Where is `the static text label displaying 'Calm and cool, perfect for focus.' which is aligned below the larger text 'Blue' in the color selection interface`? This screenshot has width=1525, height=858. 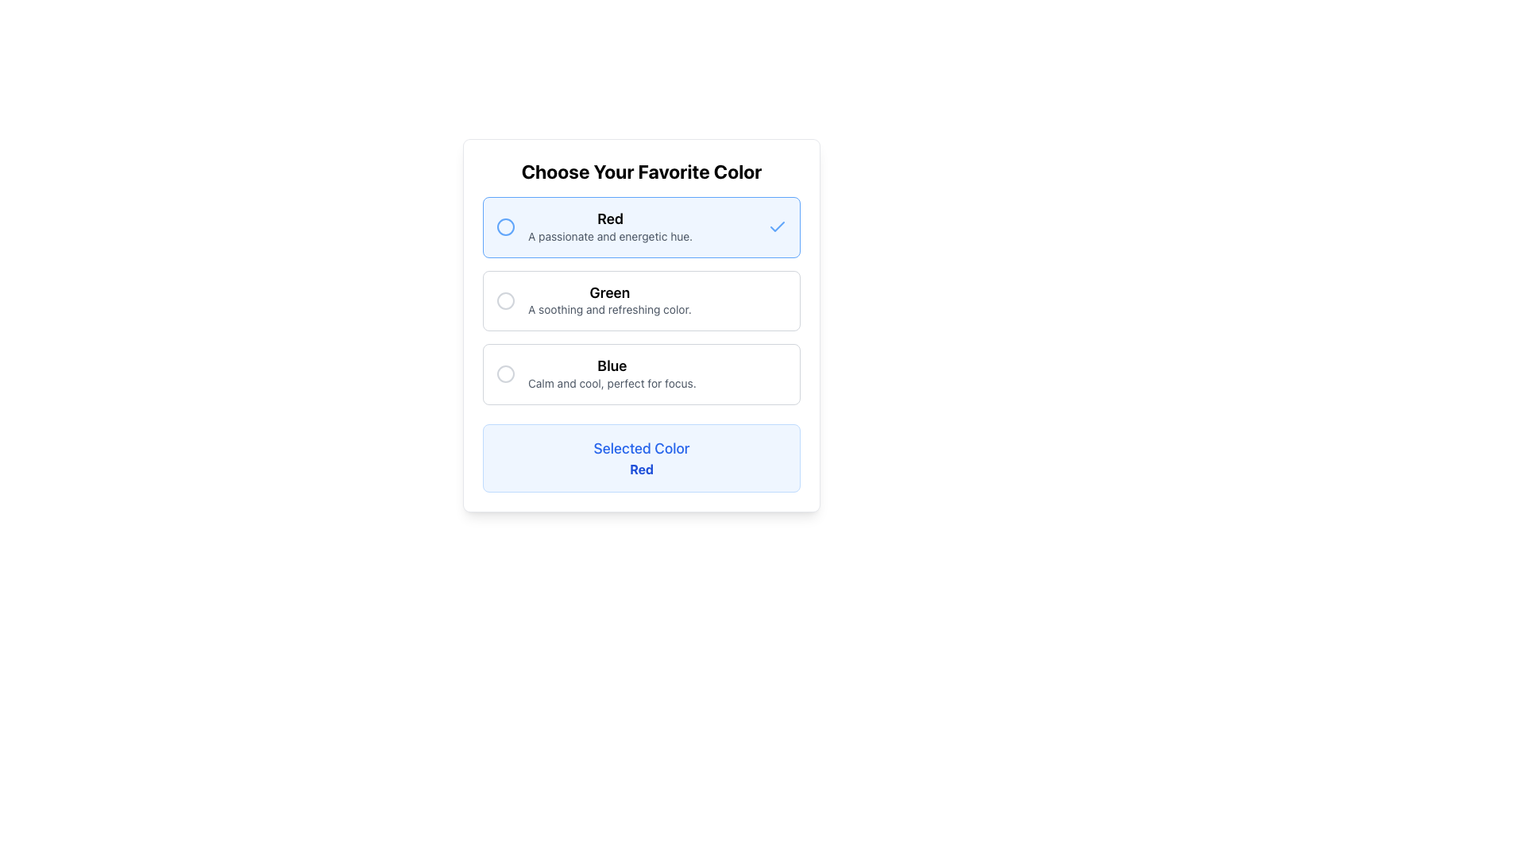
the static text label displaying 'Calm and cool, perfect for focus.' which is aligned below the larger text 'Blue' in the color selection interface is located at coordinates (611, 383).